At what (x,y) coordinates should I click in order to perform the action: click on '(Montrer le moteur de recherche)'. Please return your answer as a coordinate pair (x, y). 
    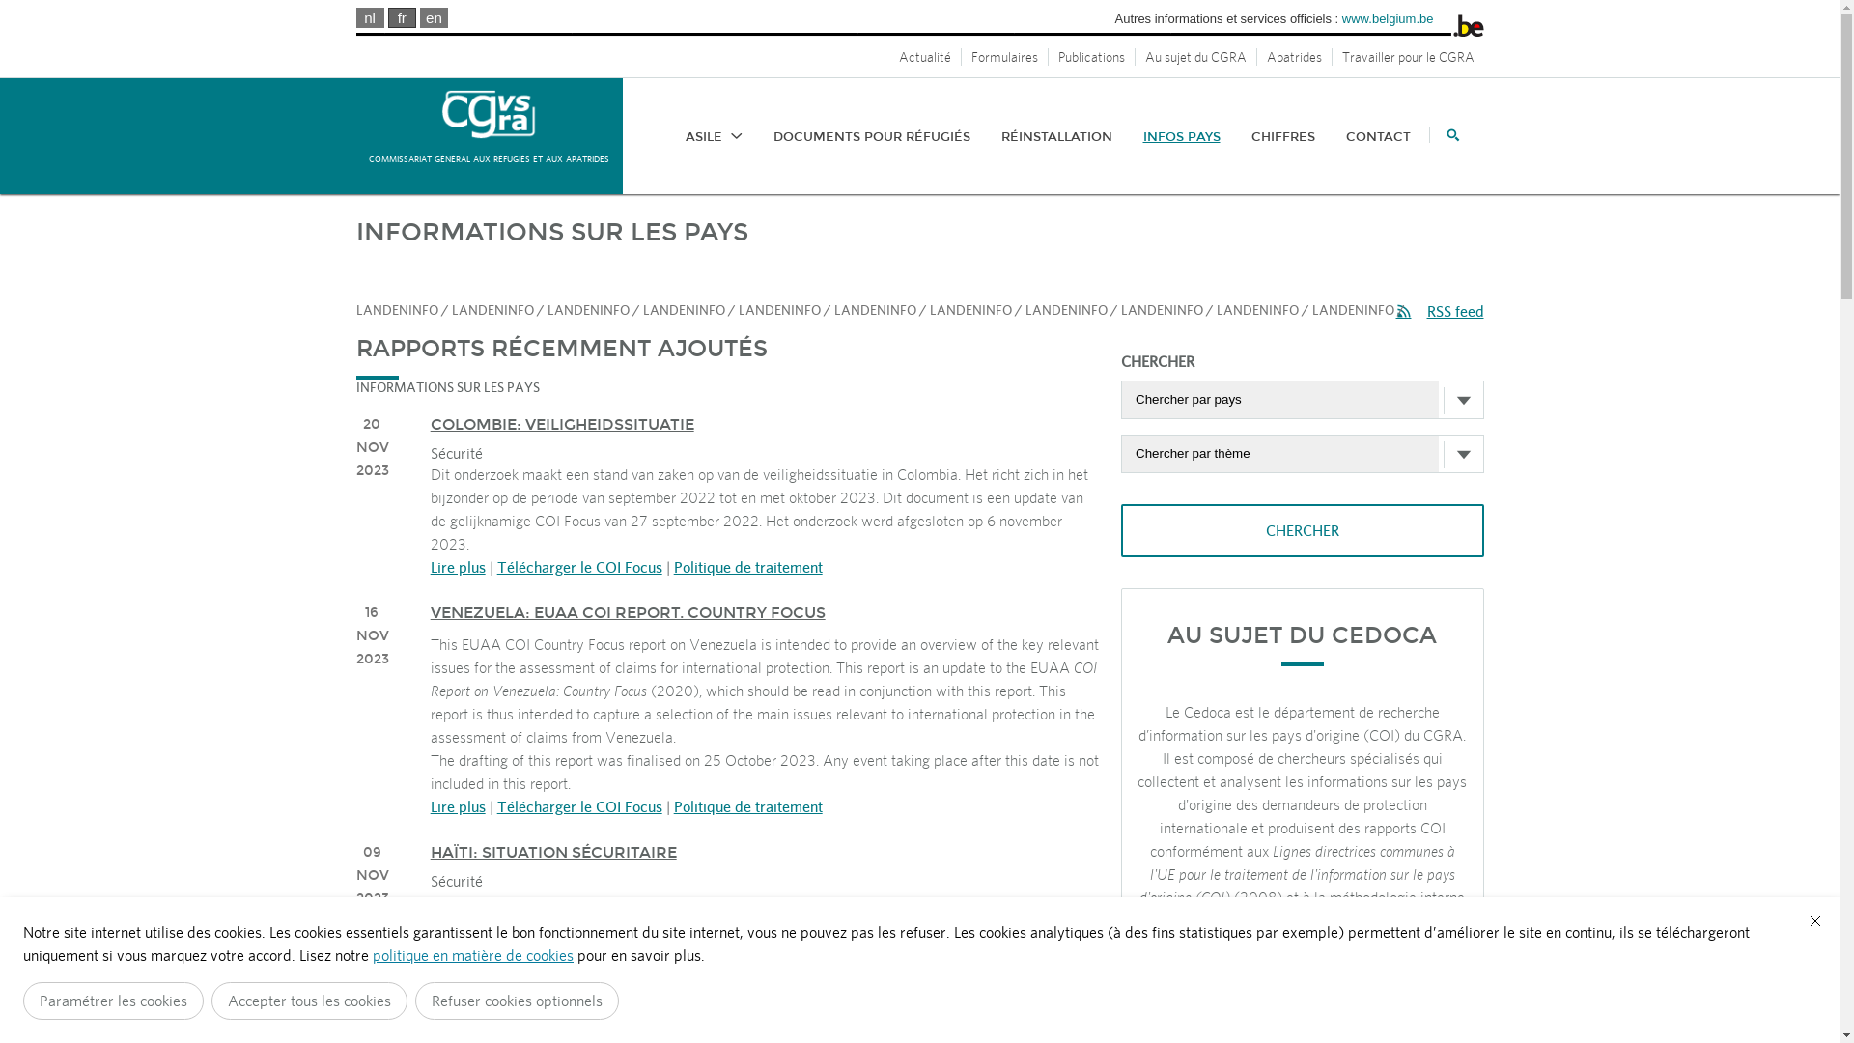
    Looking at the image, I should click on (1445, 133).